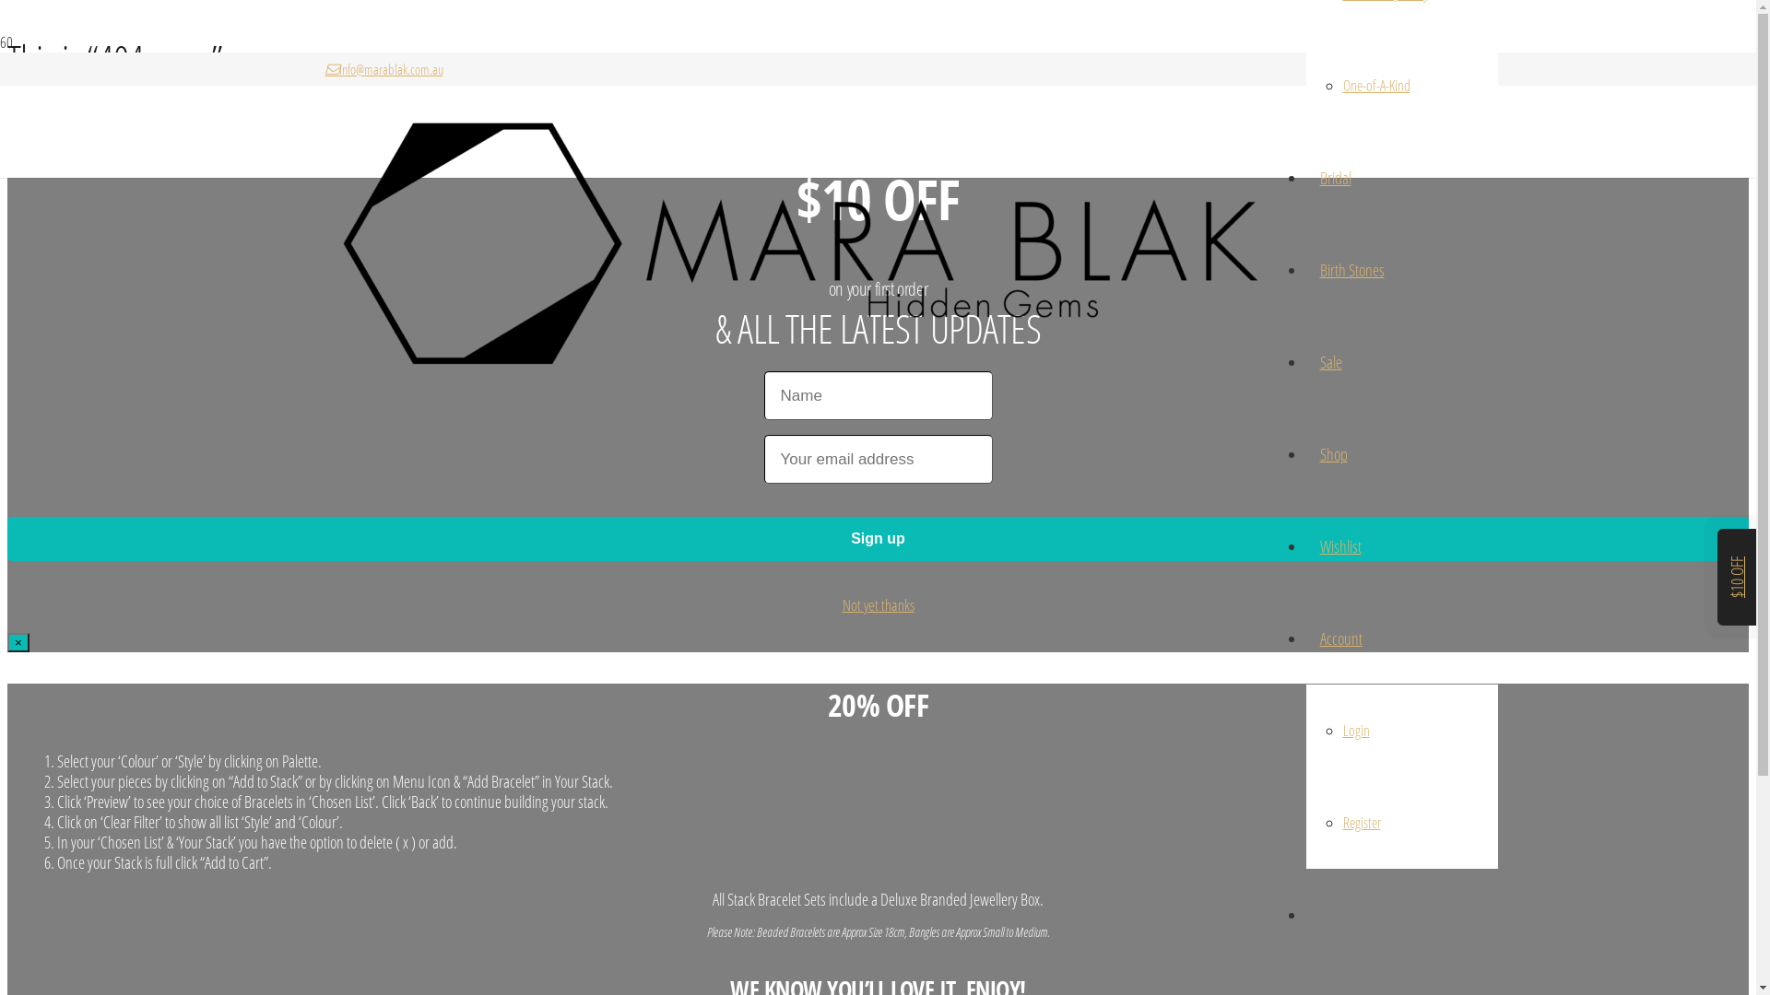 The width and height of the screenshot is (1770, 995). I want to click on 'Account', so click(1304, 638).